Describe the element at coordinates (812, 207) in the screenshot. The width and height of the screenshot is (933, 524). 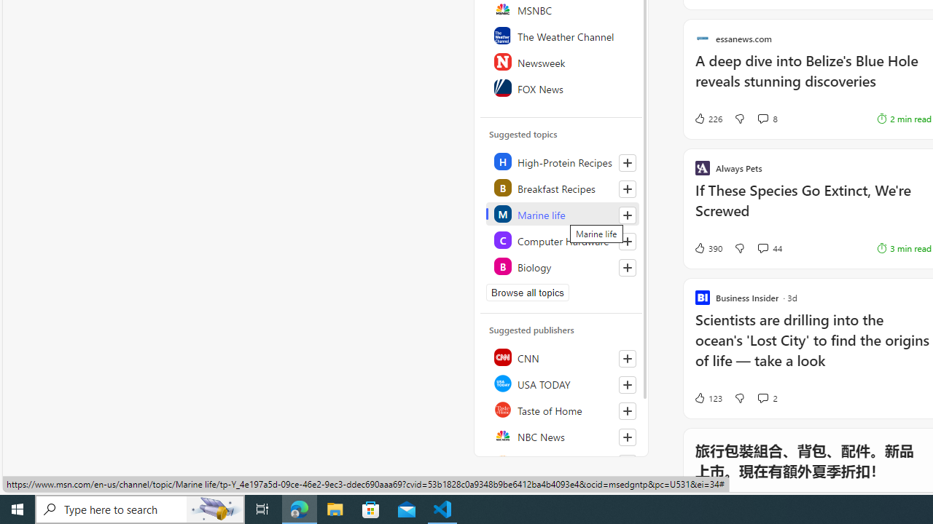
I see `'If These Species Go Extinct, We'` at that location.